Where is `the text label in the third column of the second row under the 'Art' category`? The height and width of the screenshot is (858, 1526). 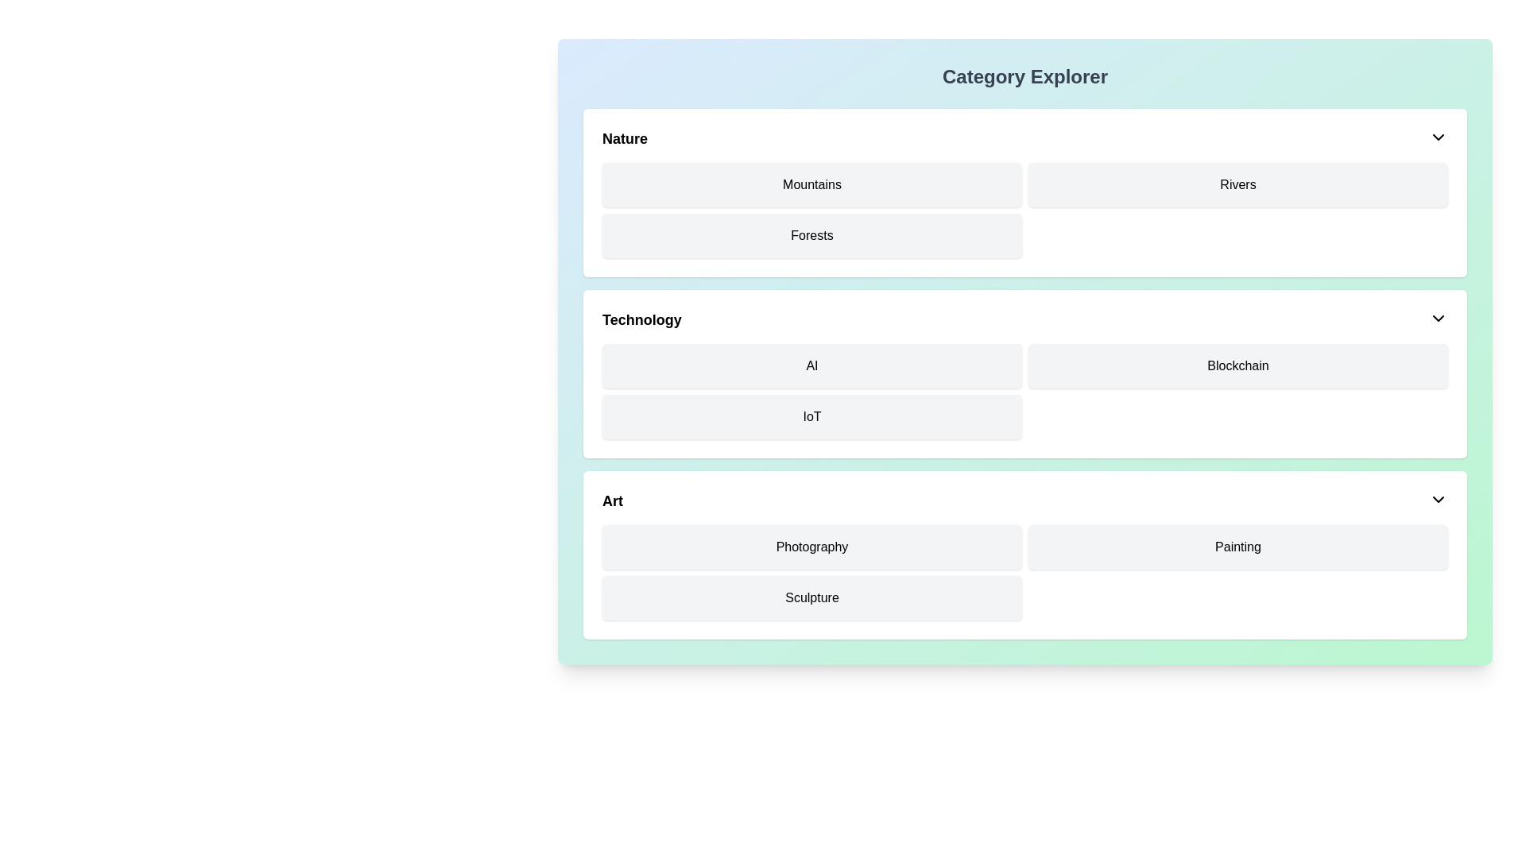 the text label in the third column of the second row under the 'Art' category is located at coordinates (1237, 547).